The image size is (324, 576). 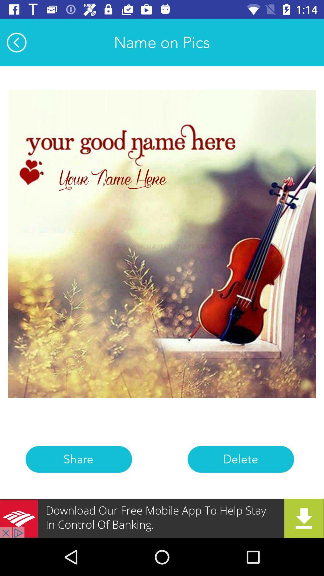 I want to click on go back, so click(x=16, y=42).